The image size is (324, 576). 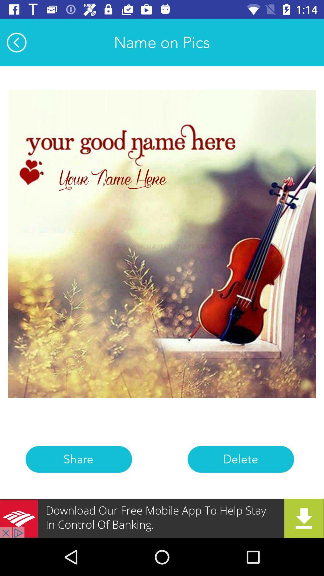 I want to click on go back, so click(x=16, y=42).